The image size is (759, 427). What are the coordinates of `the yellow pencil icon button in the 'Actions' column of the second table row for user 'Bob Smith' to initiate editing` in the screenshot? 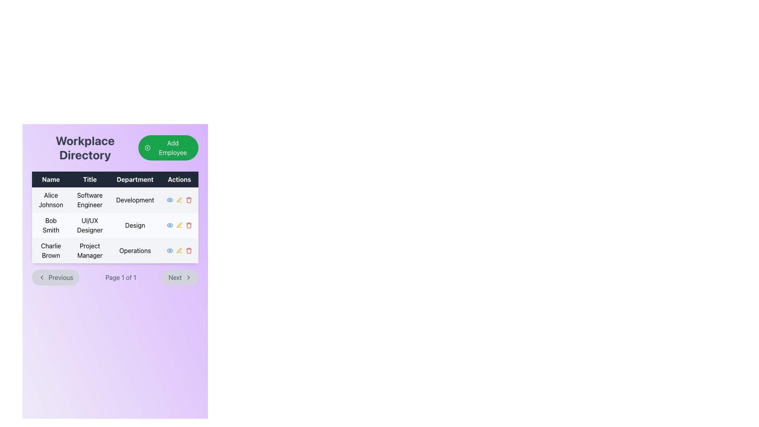 It's located at (179, 225).